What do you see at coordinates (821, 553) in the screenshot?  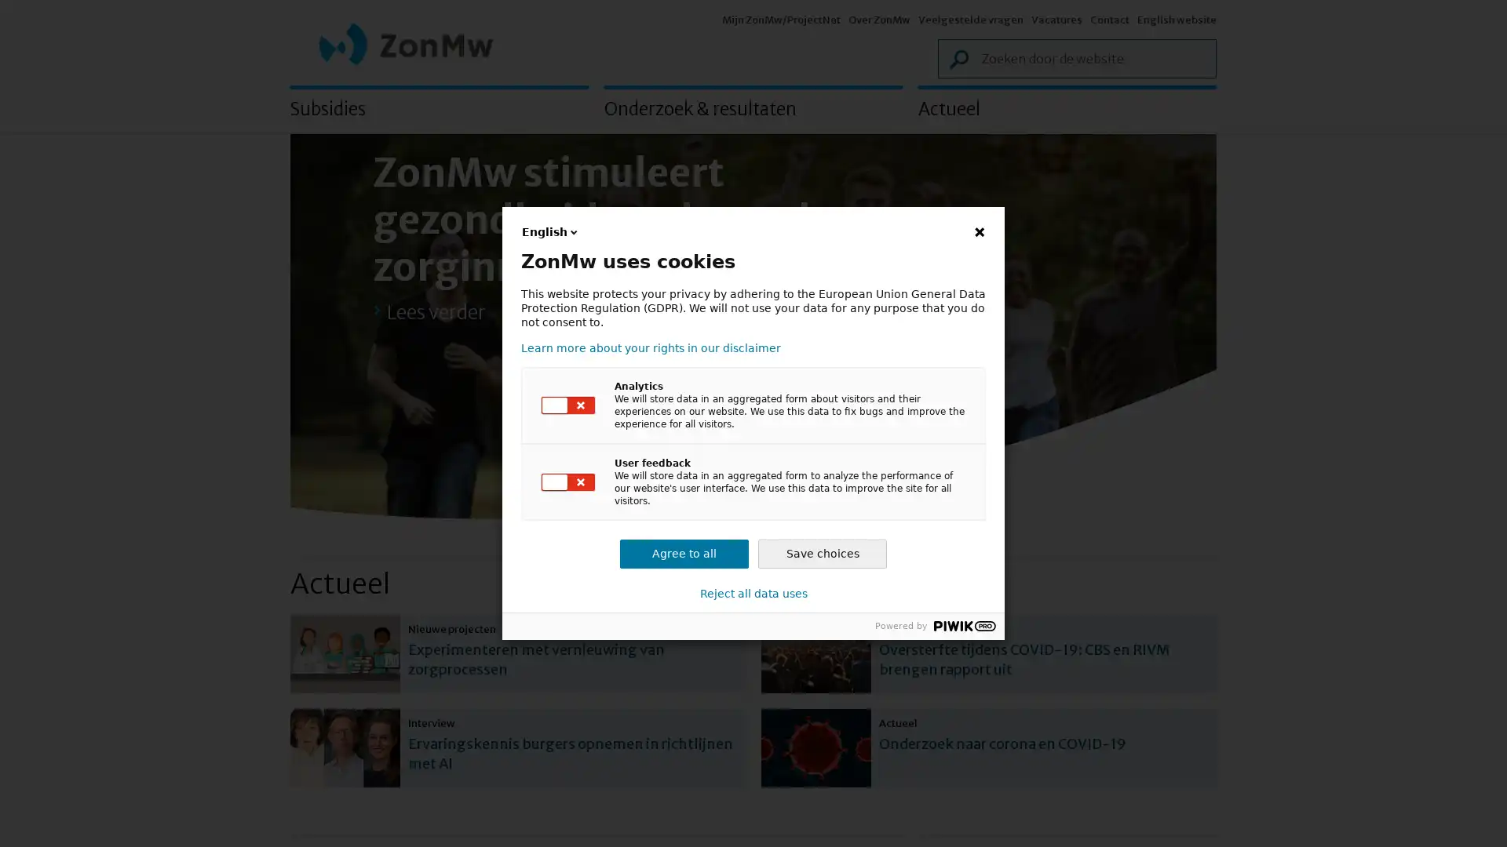 I see `Save choices` at bounding box center [821, 553].